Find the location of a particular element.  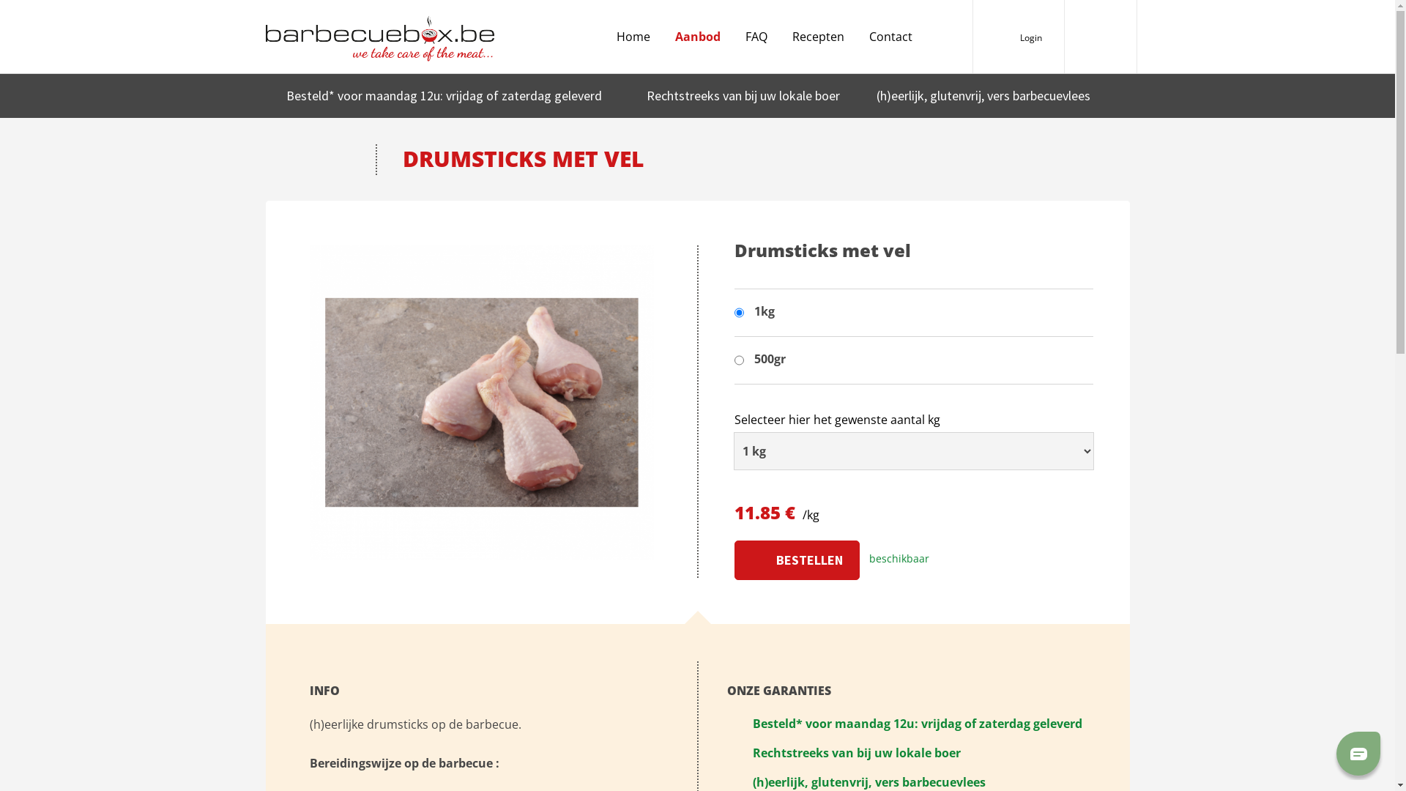

'Login' is located at coordinates (1019, 37).